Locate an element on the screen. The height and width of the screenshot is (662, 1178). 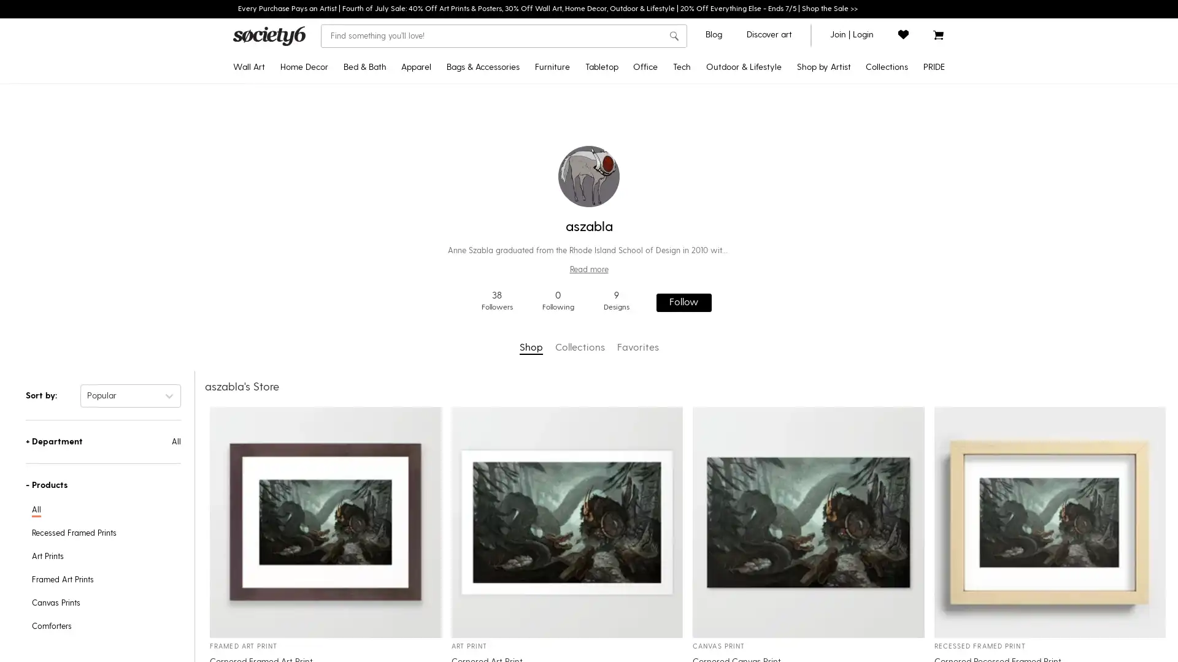
Discover LGBTQIA+ Artists is located at coordinates (790, 196).